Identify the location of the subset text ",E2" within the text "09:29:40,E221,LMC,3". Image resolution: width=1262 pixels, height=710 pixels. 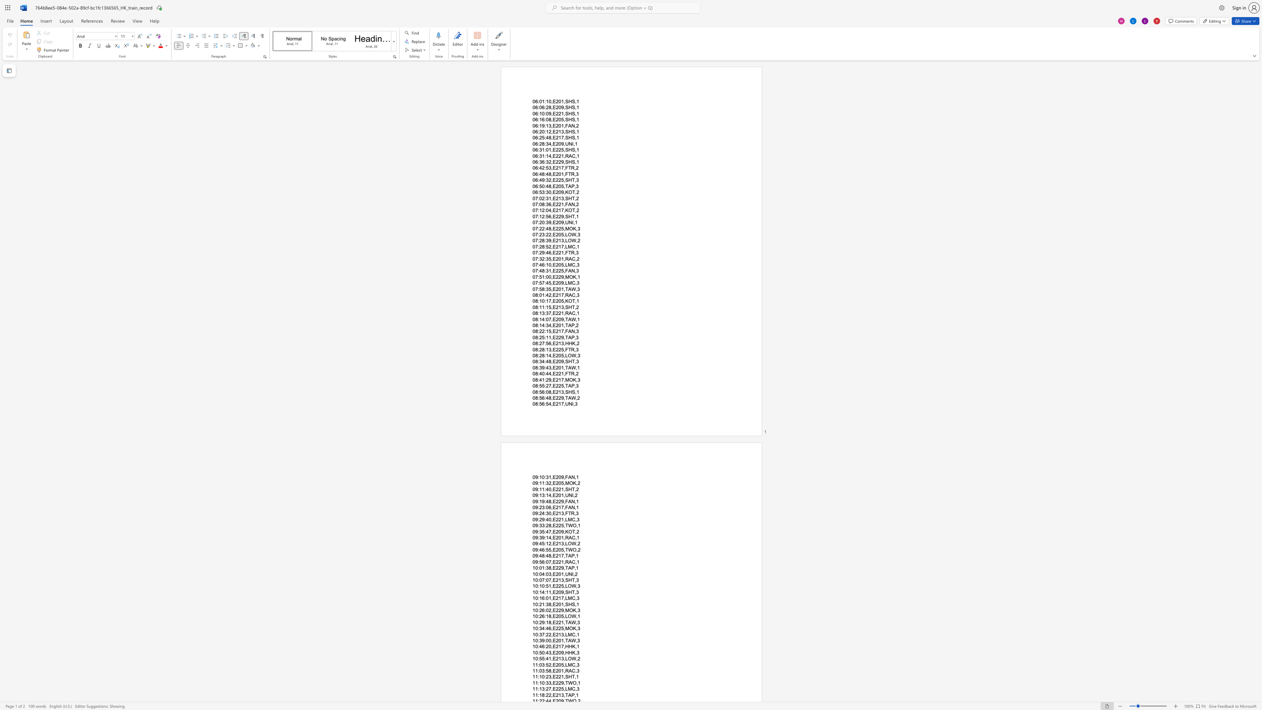
(551, 519).